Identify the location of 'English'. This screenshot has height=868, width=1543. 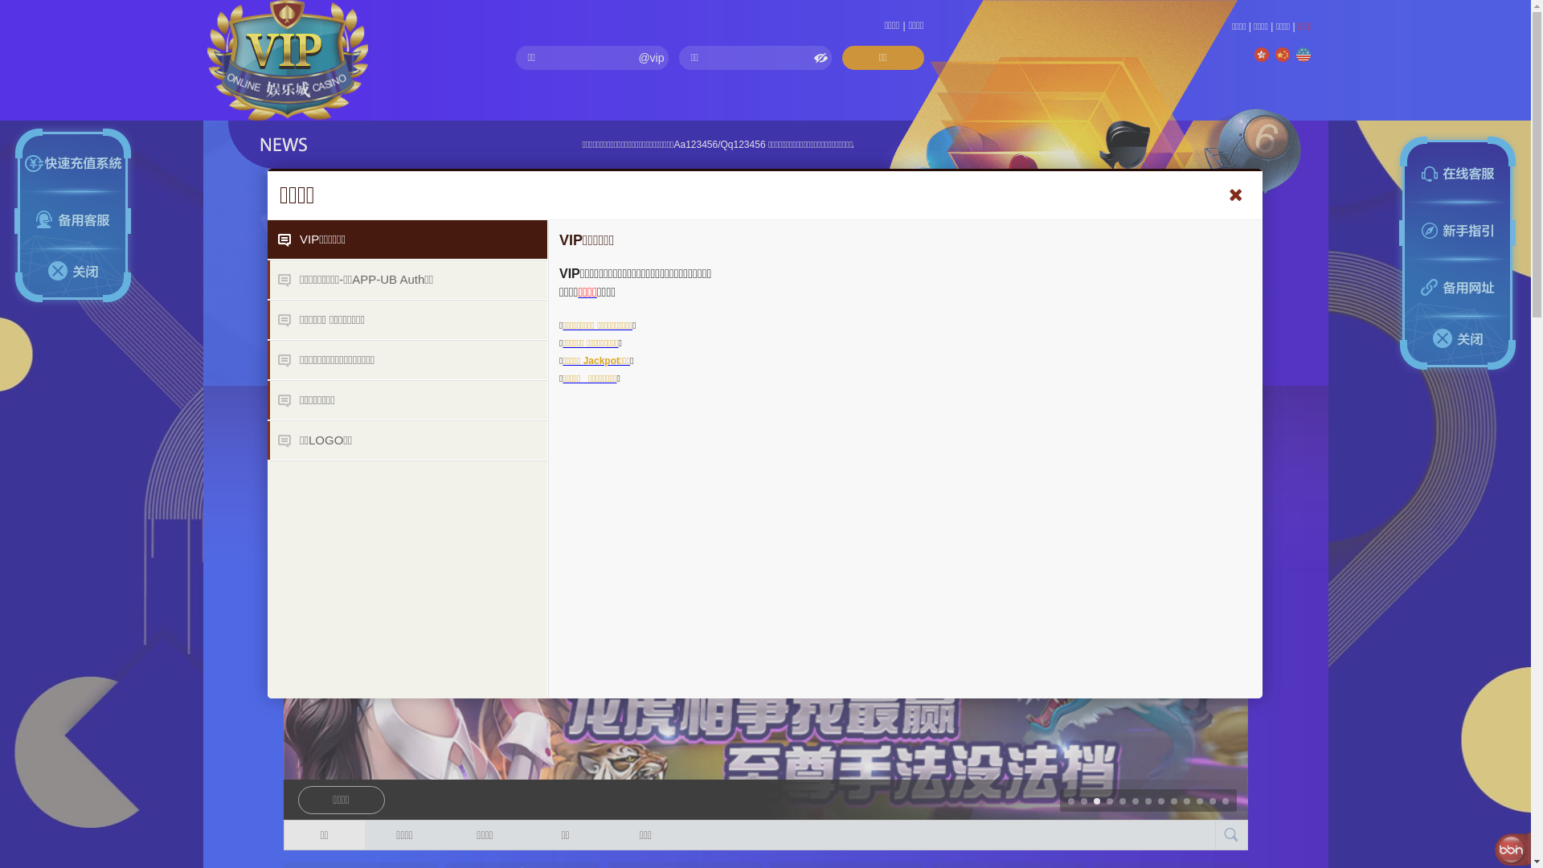
(1303, 54).